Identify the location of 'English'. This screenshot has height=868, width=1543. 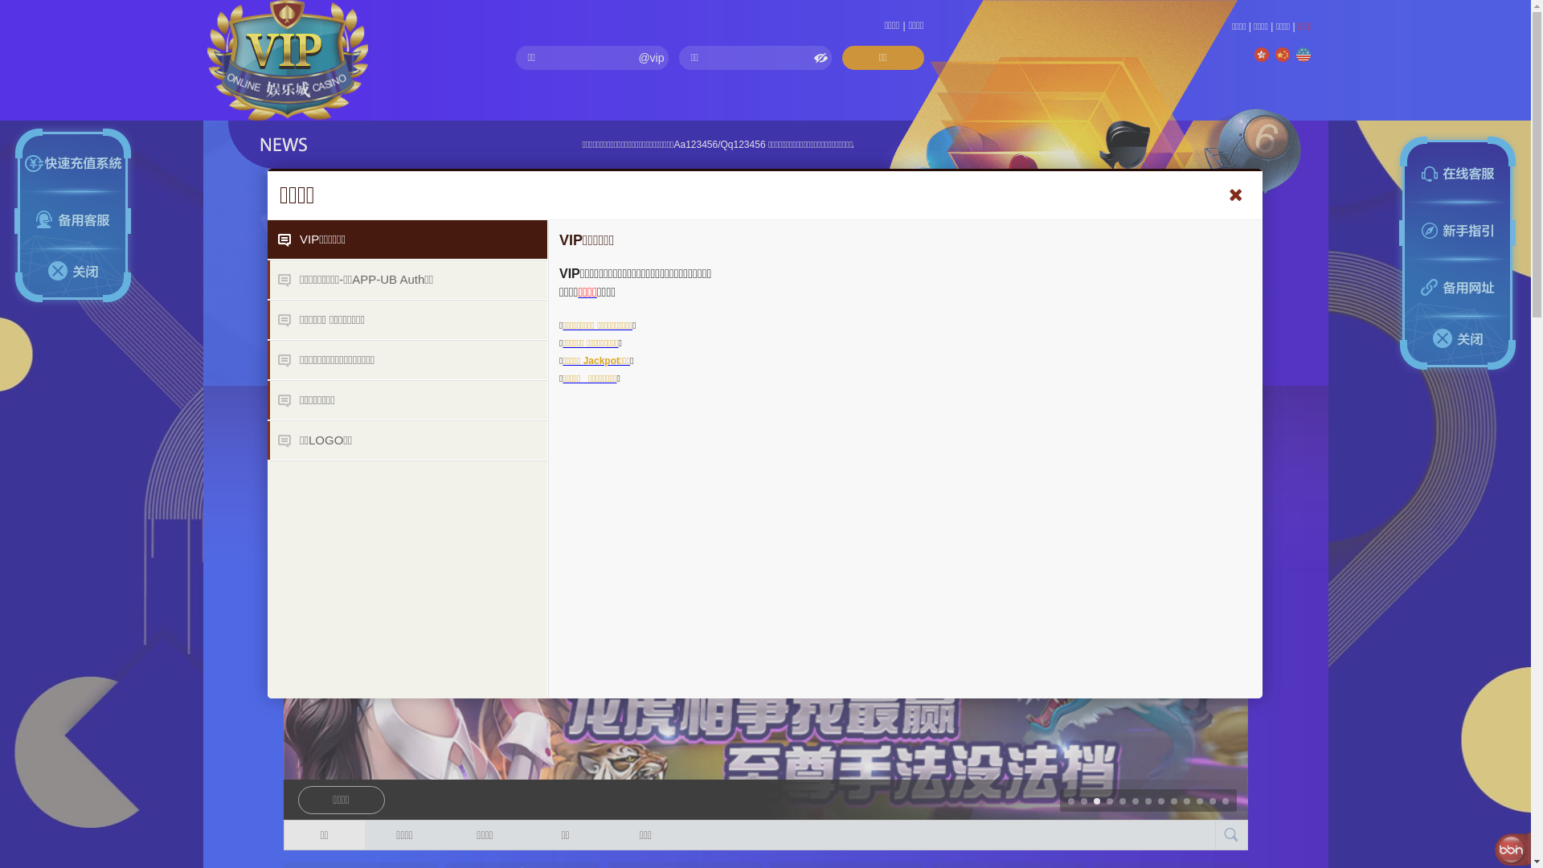
(1303, 54).